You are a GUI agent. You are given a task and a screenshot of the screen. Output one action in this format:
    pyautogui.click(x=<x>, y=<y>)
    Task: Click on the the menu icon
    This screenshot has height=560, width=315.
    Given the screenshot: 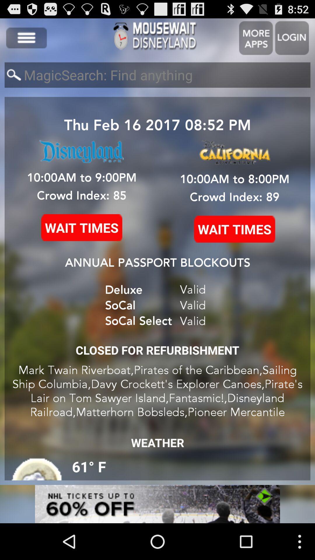 What is the action you would take?
    pyautogui.click(x=26, y=40)
    